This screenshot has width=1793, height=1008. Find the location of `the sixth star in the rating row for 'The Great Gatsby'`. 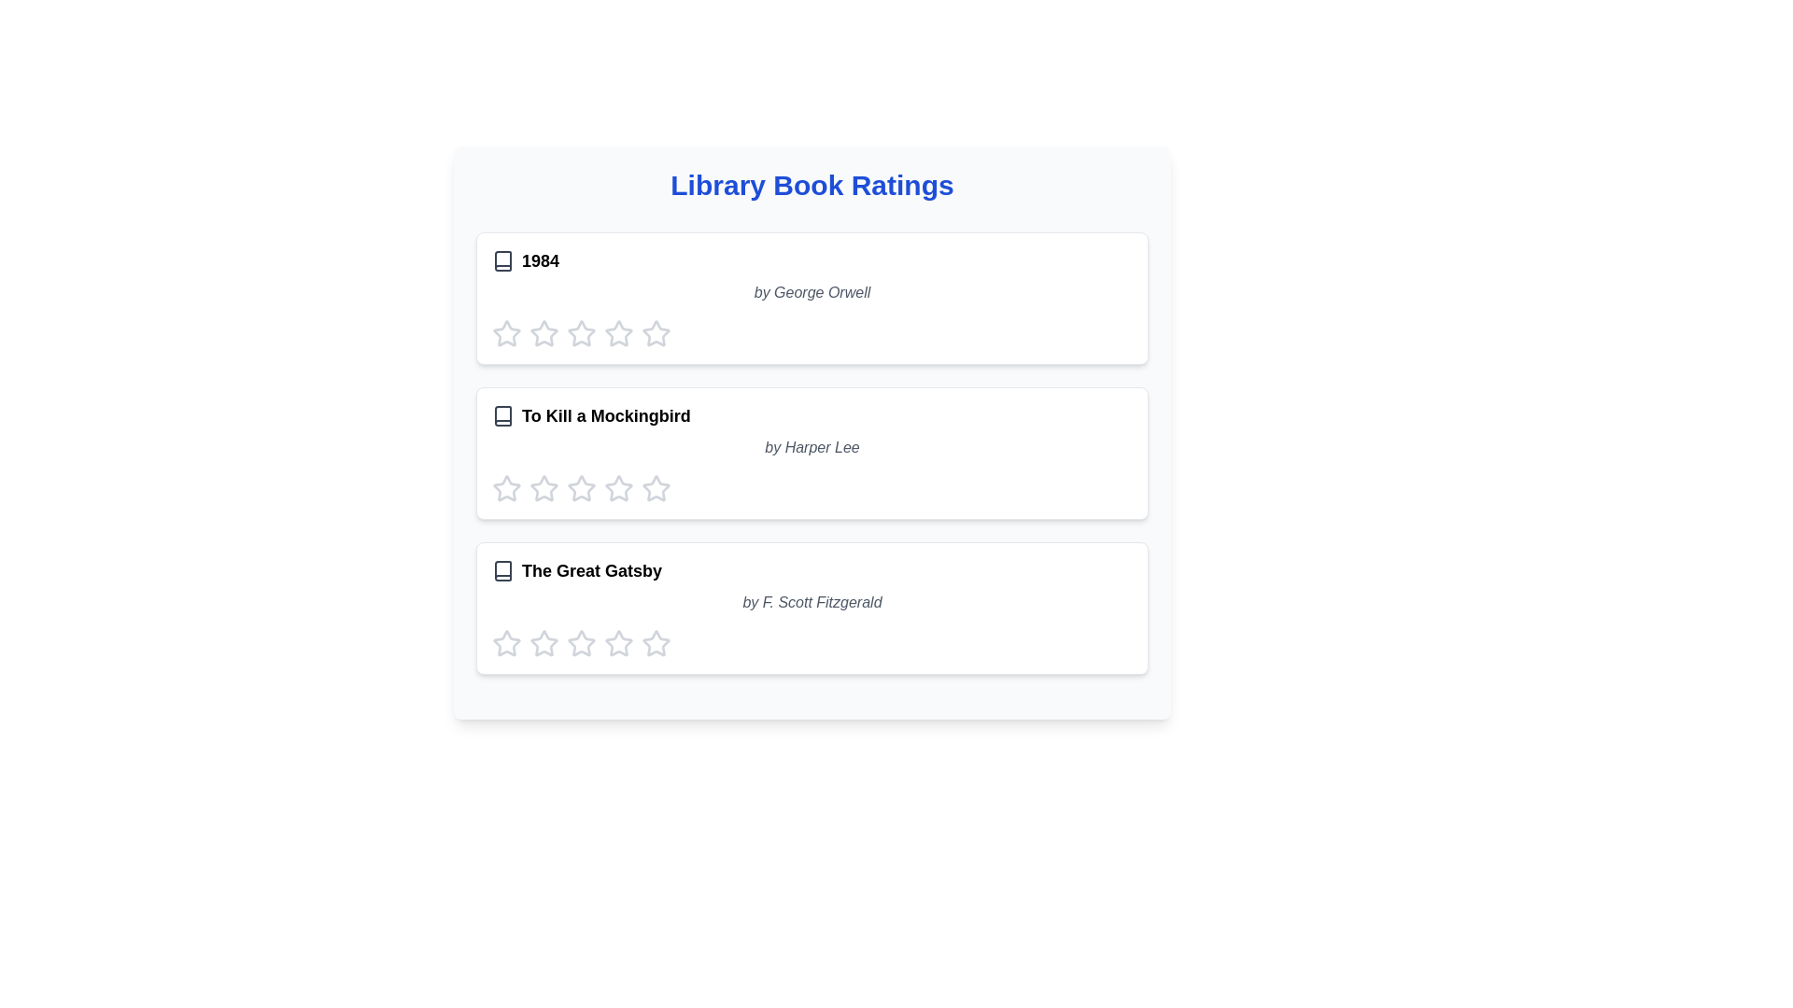

the sixth star in the rating row for 'The Great Gatsby' is located at coordinates (618, 643).